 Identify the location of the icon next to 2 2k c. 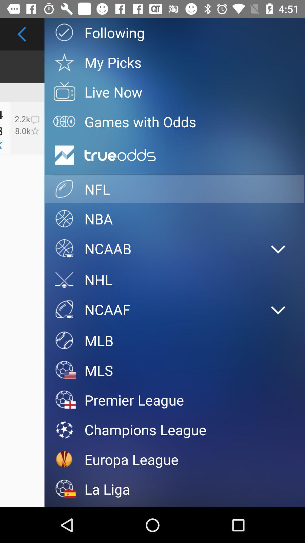
(1, 130).